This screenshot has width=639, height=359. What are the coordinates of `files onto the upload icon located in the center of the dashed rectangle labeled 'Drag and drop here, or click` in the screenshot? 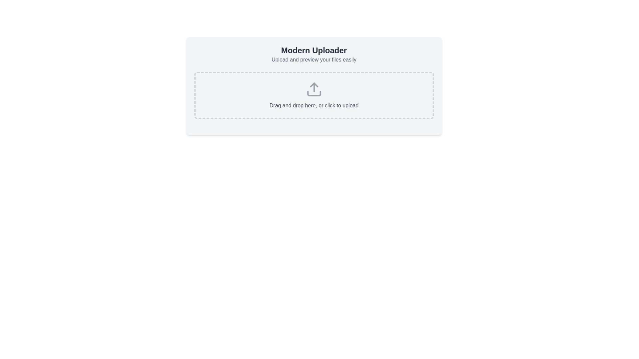 It's located at (314, 89).